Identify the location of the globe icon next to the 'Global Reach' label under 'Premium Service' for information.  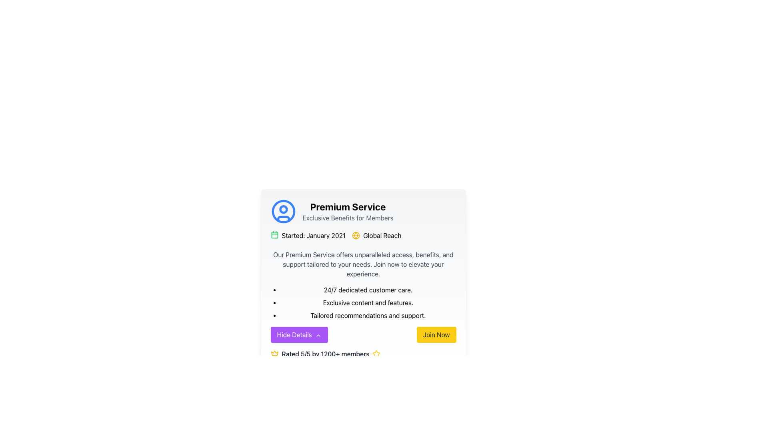
(356, 235).